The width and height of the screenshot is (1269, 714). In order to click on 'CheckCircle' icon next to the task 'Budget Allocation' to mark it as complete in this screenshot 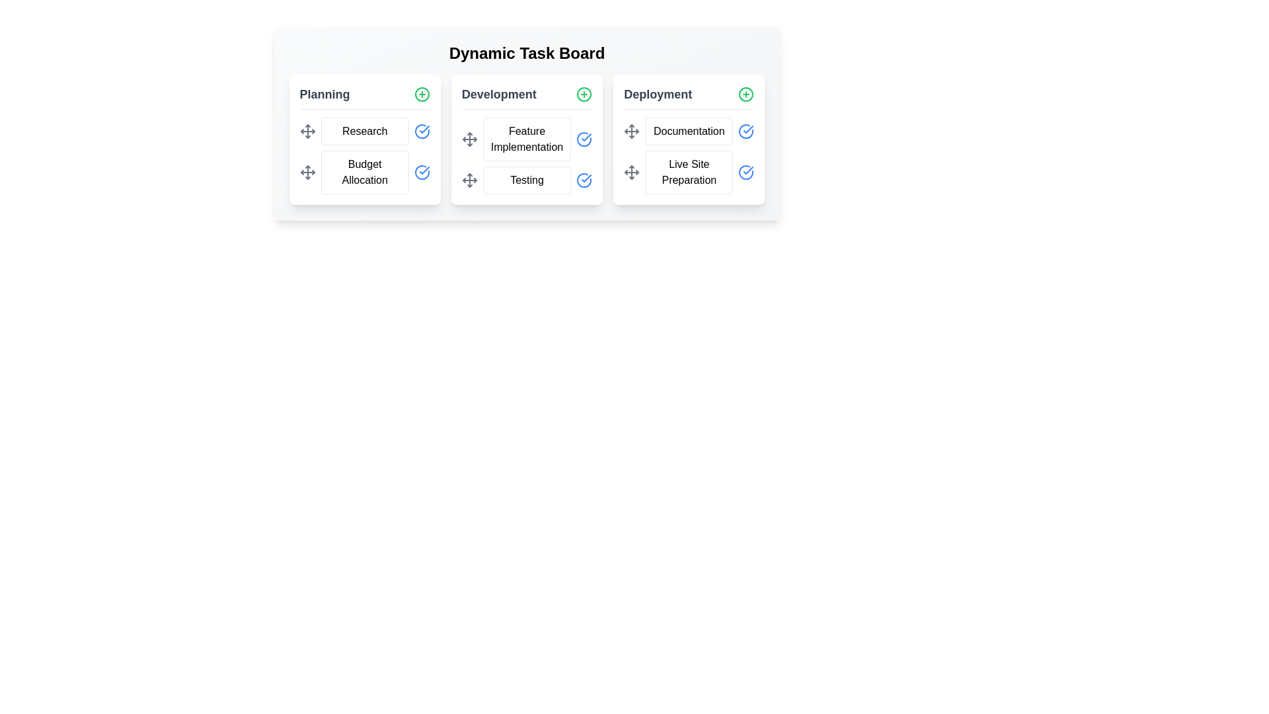, I will do `click(421, 172)`.